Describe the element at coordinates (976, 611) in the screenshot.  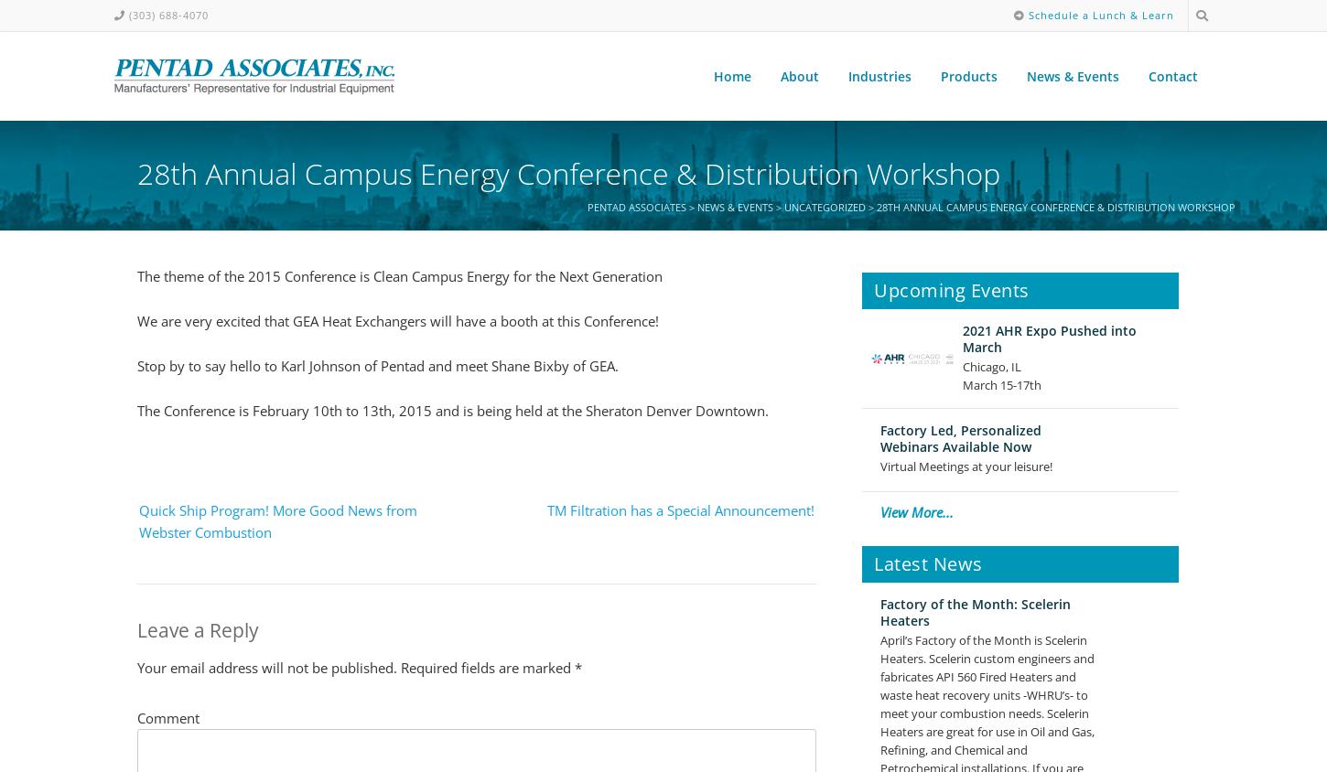
I see `'Factory of the Month: Scelerin Heaters'` at that location.